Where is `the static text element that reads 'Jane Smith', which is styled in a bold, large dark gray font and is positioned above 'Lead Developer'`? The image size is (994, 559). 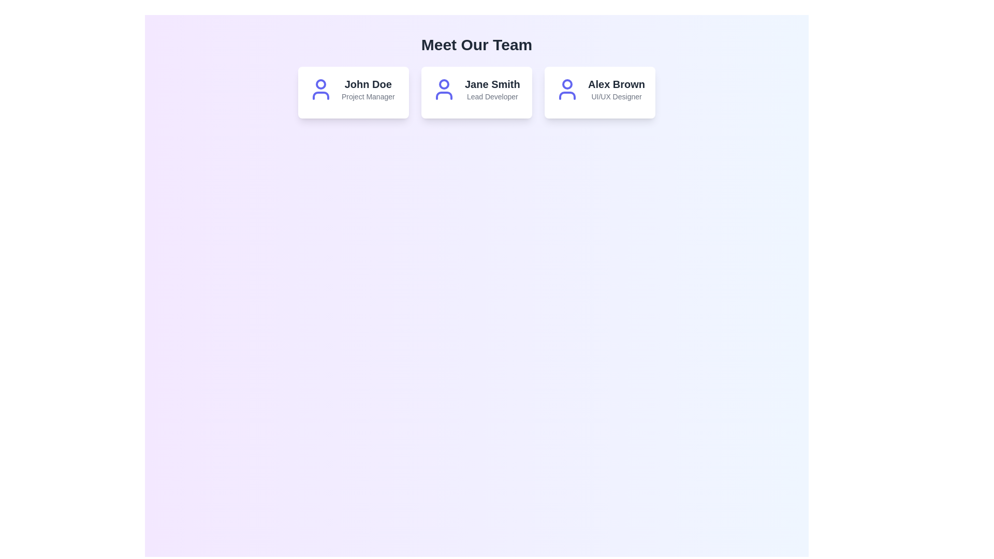 the static text element that reads 'Jane Smith', which is styled in a bold, large dark gray font and is positioned above 'Lead Developer' is located at coordinates (492, 83).